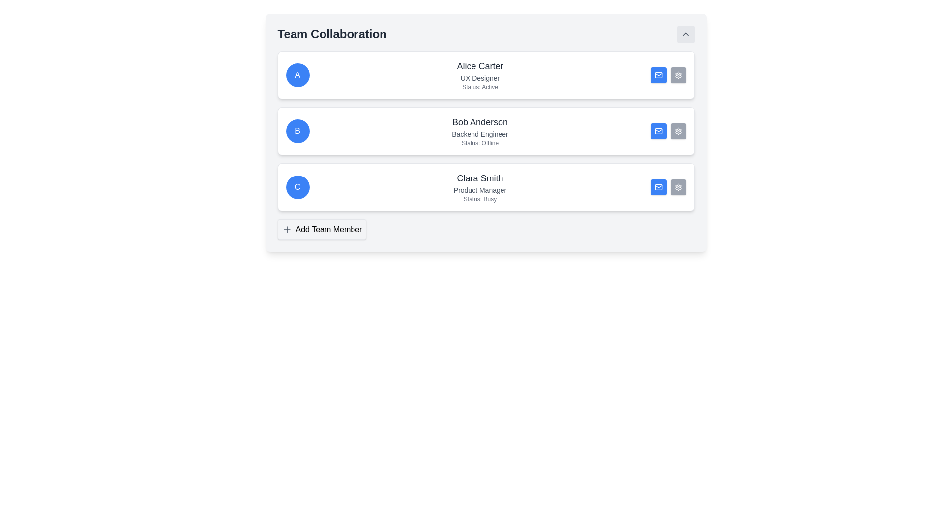 The image size is (944, 531). What do you see at coordinates (480, 77) in the screenshot?
I see `the text label displaying the job title 'UX Designer' for team member Alice Carter, located in the card section under 'Alice Carter' and above 'Status: Active'` at bounding box center [480, 77].